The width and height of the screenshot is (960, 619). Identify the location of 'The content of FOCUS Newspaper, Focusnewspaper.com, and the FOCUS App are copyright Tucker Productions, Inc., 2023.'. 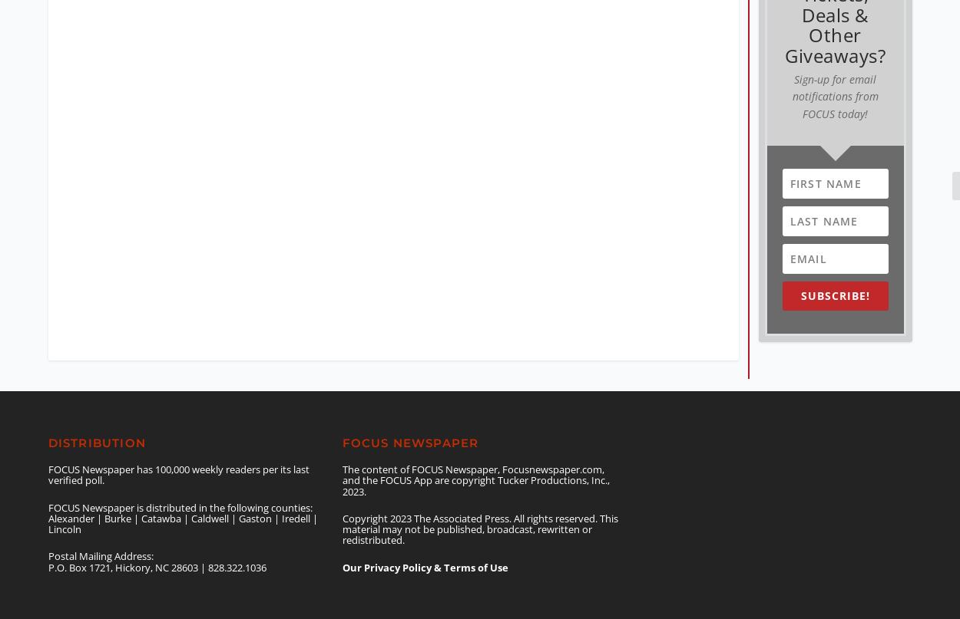
(475, 466).